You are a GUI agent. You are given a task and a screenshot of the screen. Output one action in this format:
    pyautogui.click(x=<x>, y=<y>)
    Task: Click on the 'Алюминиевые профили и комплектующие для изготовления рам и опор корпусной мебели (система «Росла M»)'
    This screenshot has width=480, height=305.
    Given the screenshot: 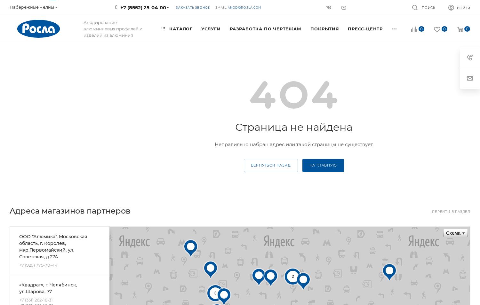 What is the action you would take?
    pyautogui.click(x=391, y=85)
    